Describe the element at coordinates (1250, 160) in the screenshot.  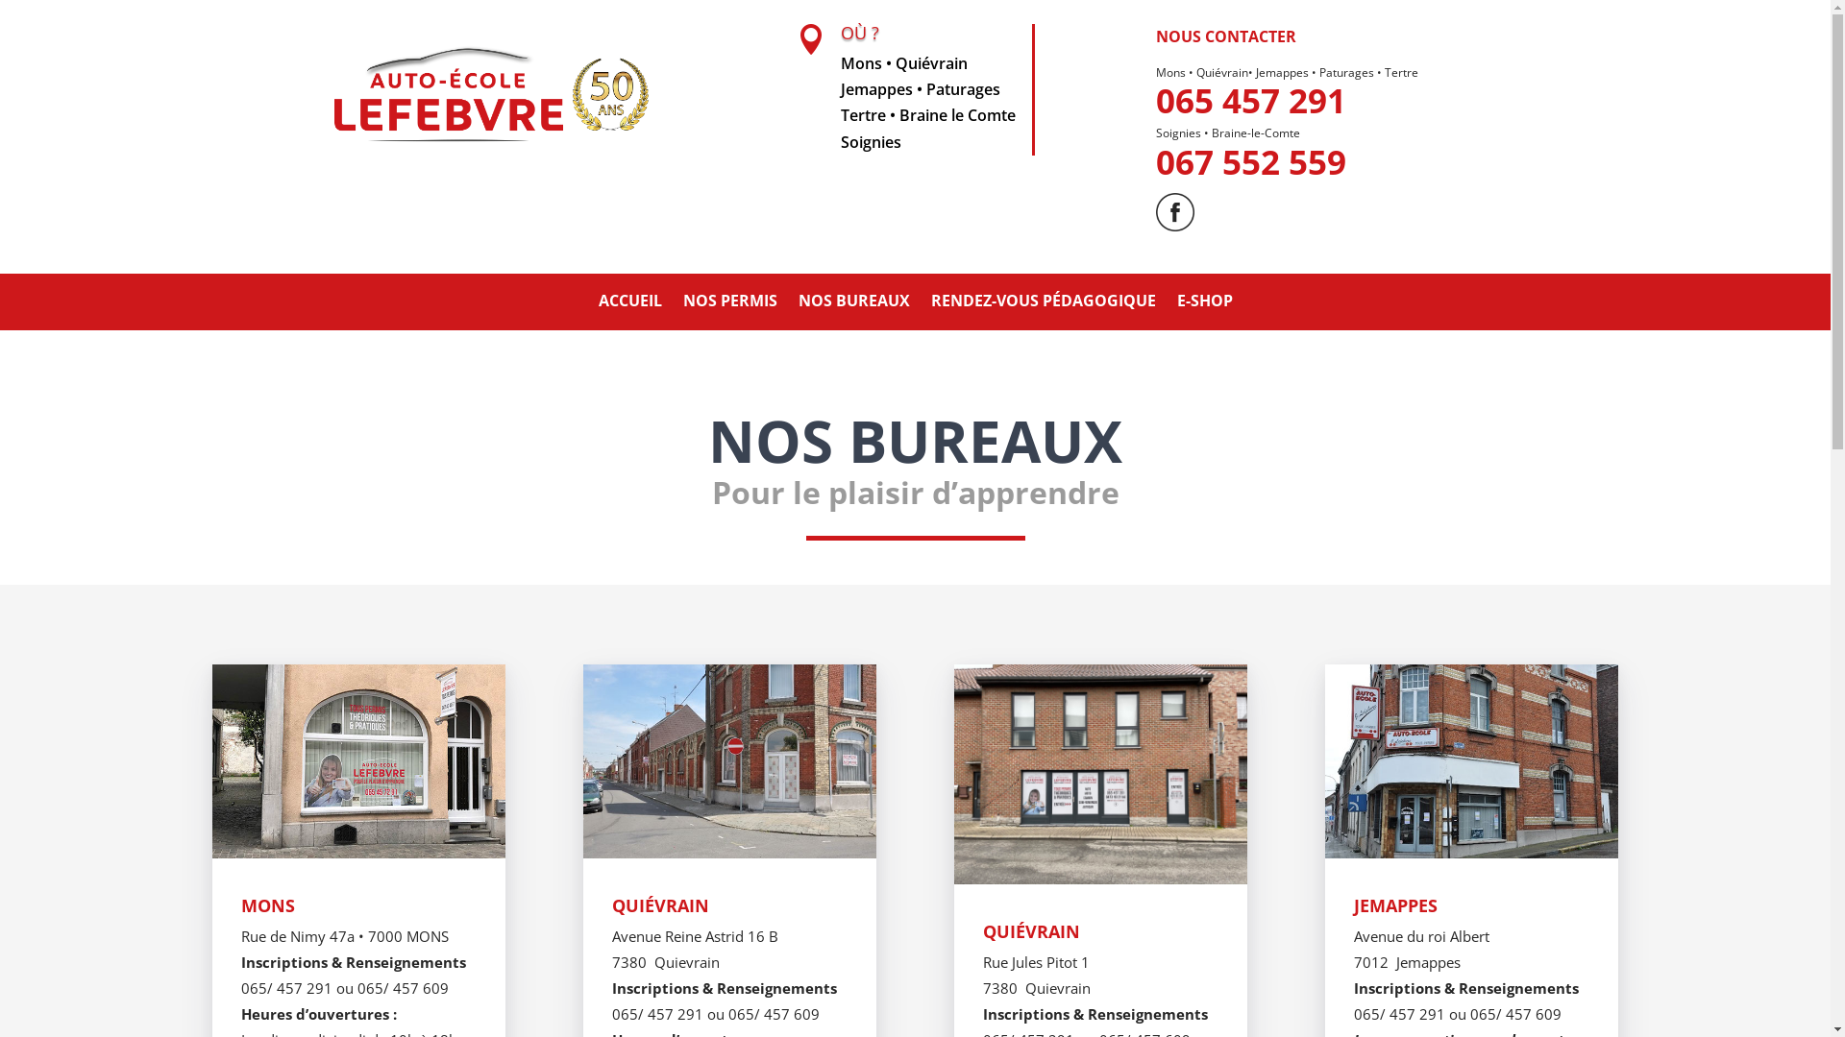
I see `'067 552 559'` at that location.